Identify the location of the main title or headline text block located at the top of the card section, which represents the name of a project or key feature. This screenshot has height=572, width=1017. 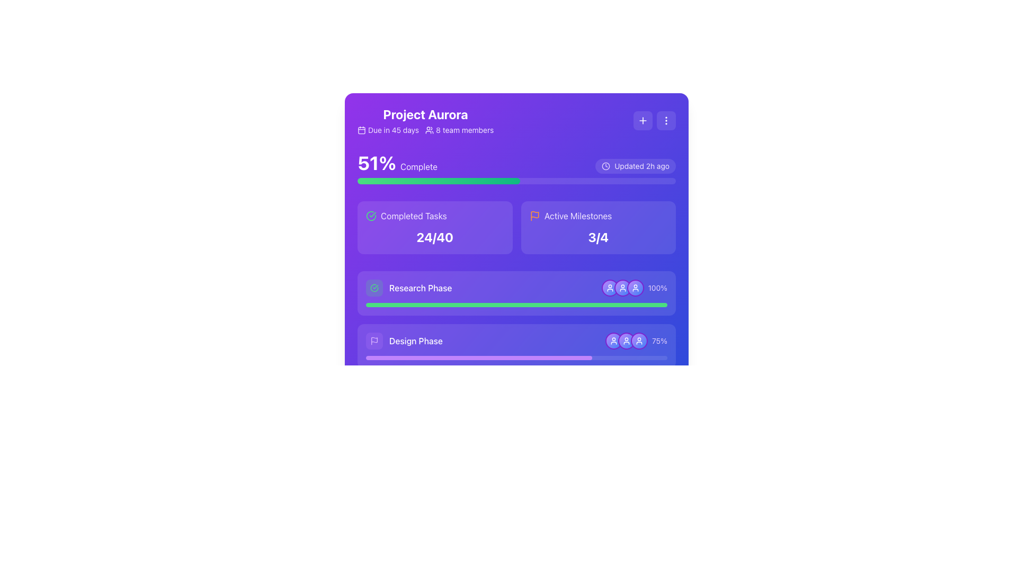
(425, 114).